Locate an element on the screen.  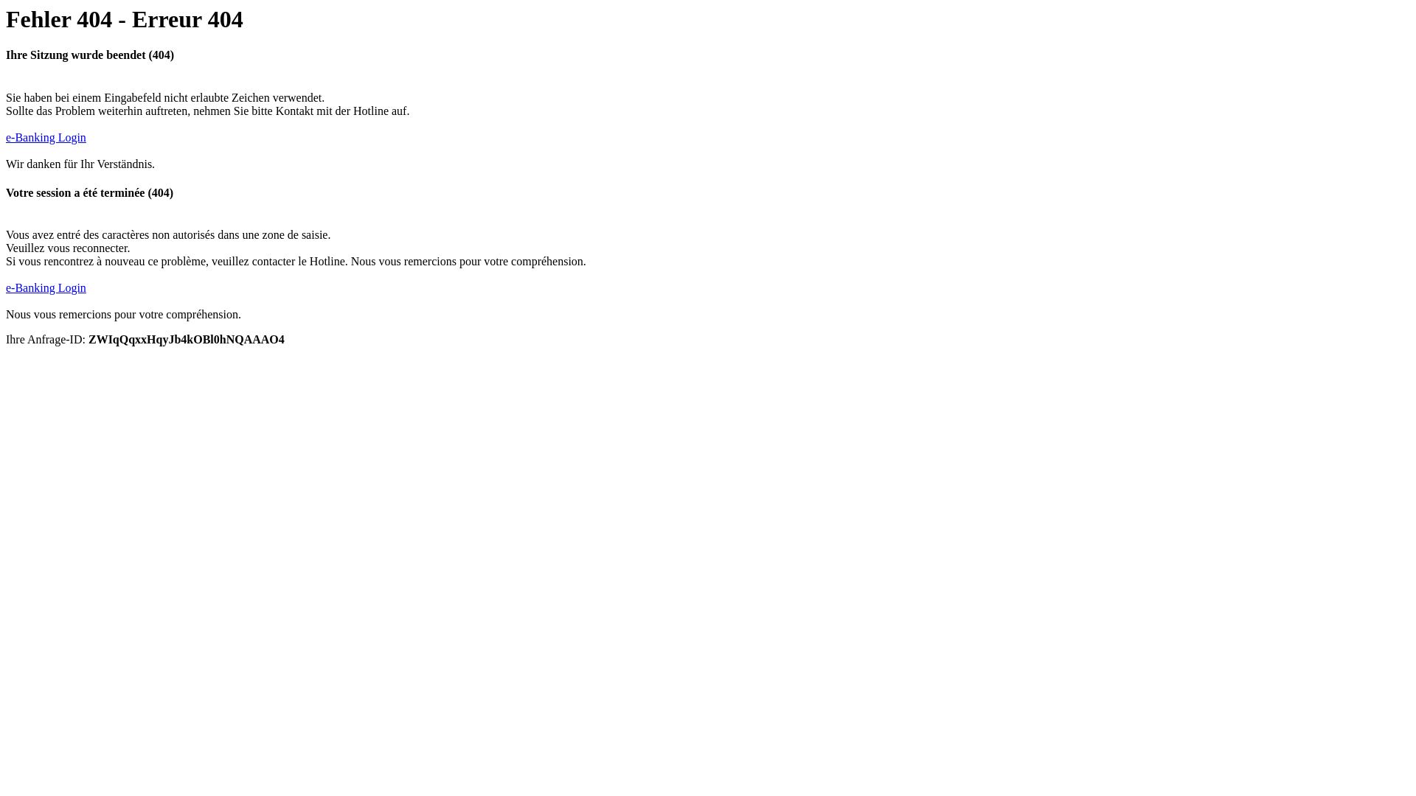
'e-Banking Login' is located at coordinates (46, 287).